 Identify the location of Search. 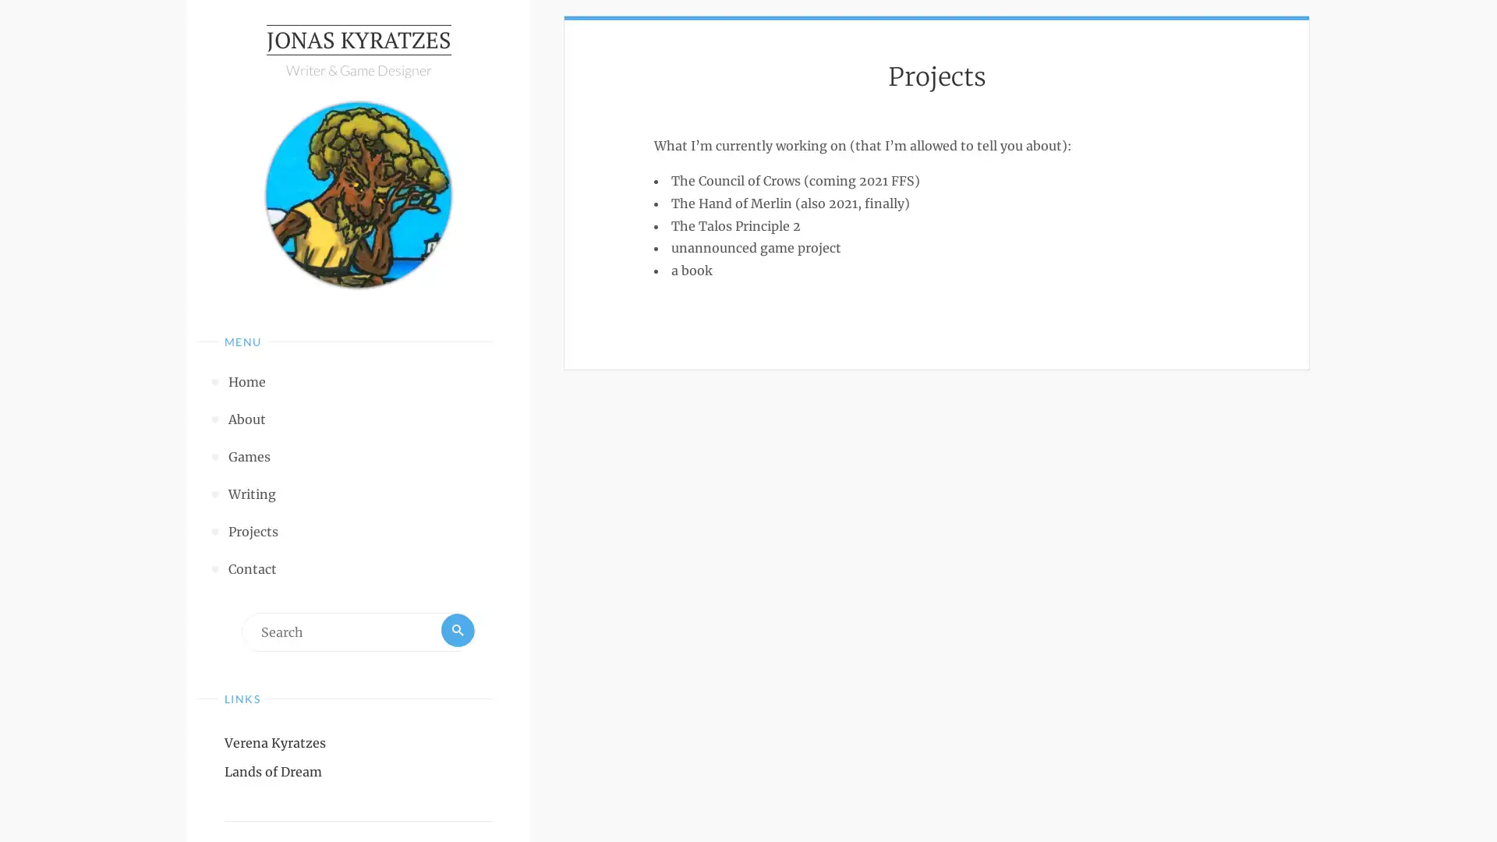
(455, 635).